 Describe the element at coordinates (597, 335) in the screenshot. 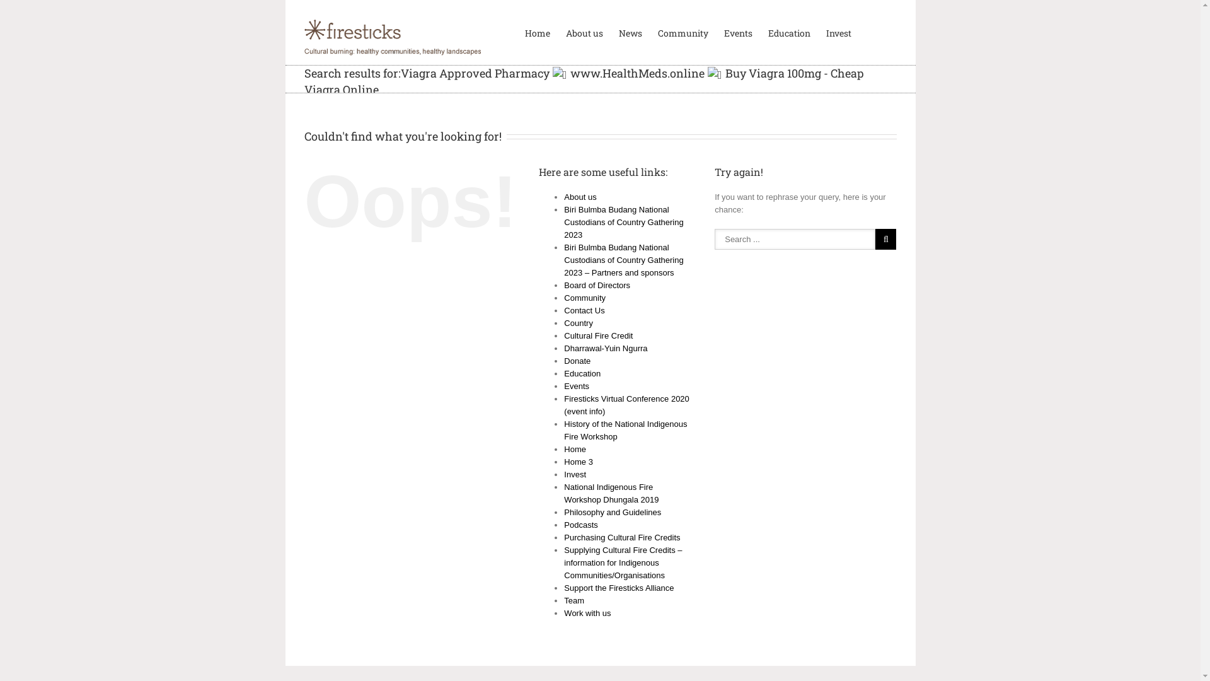

I see `'Cultural Fire Credit'` at that location.